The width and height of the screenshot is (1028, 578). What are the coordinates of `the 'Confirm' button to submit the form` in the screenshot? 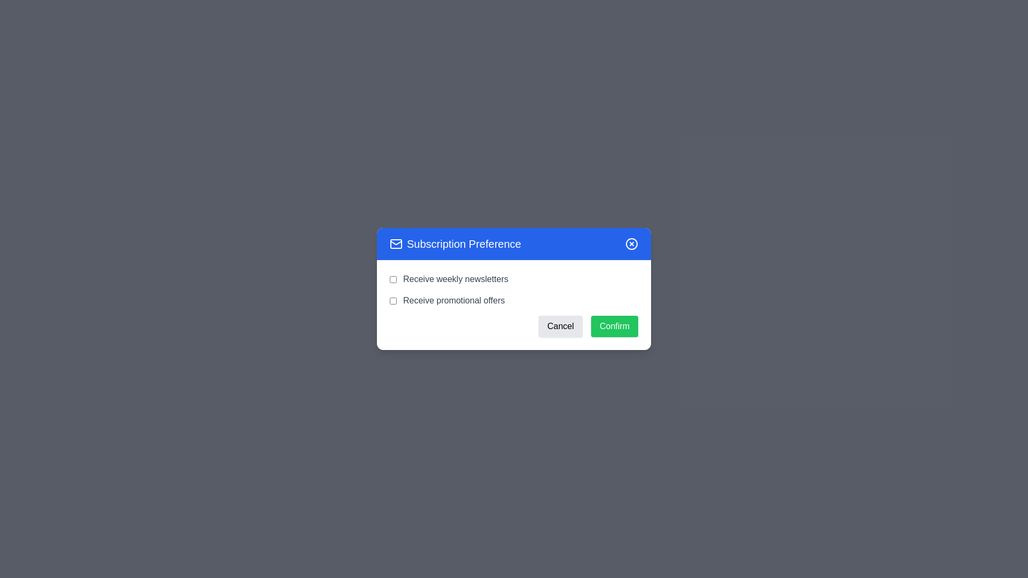 It's located at (614, 325).